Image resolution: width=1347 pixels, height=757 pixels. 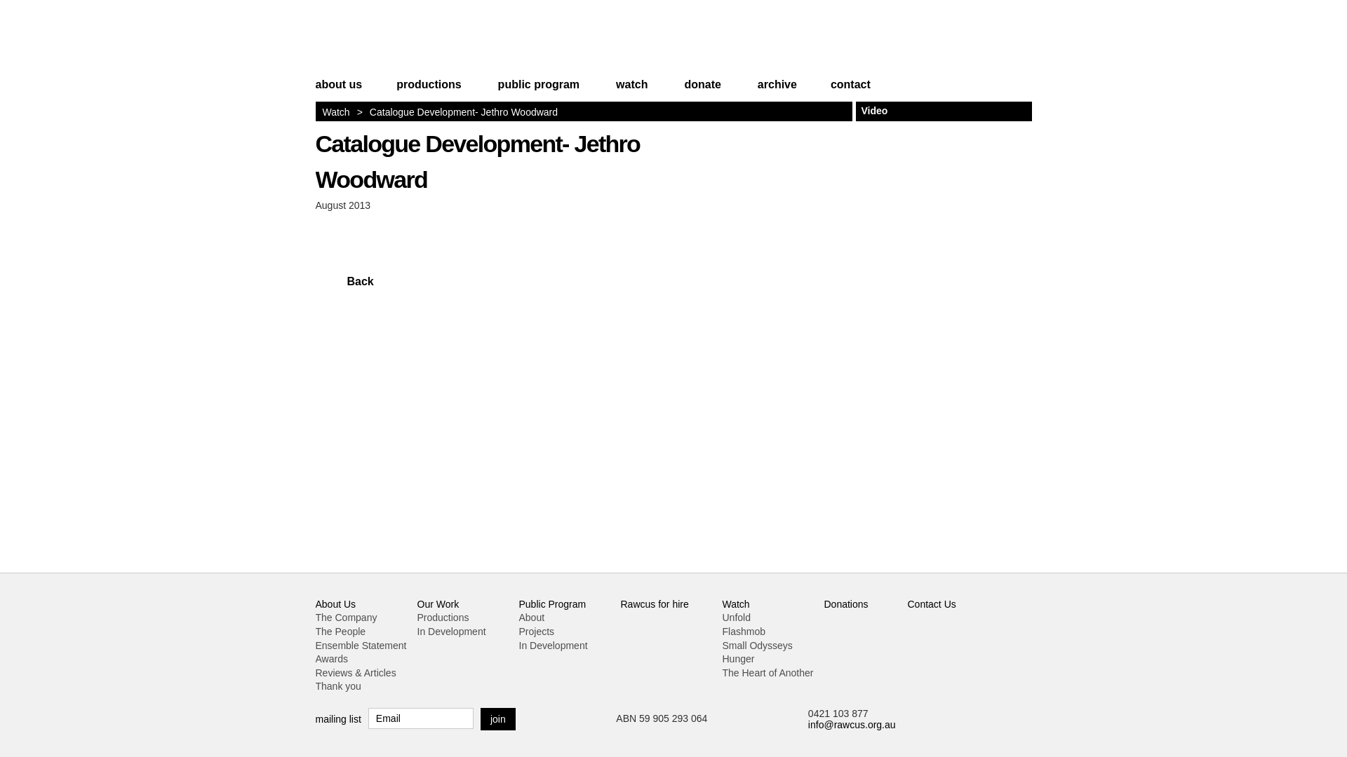 What do you see at coordinates (416, 632) in the screenshot?
I see `'In Development'` at bounding box center [416, 632].